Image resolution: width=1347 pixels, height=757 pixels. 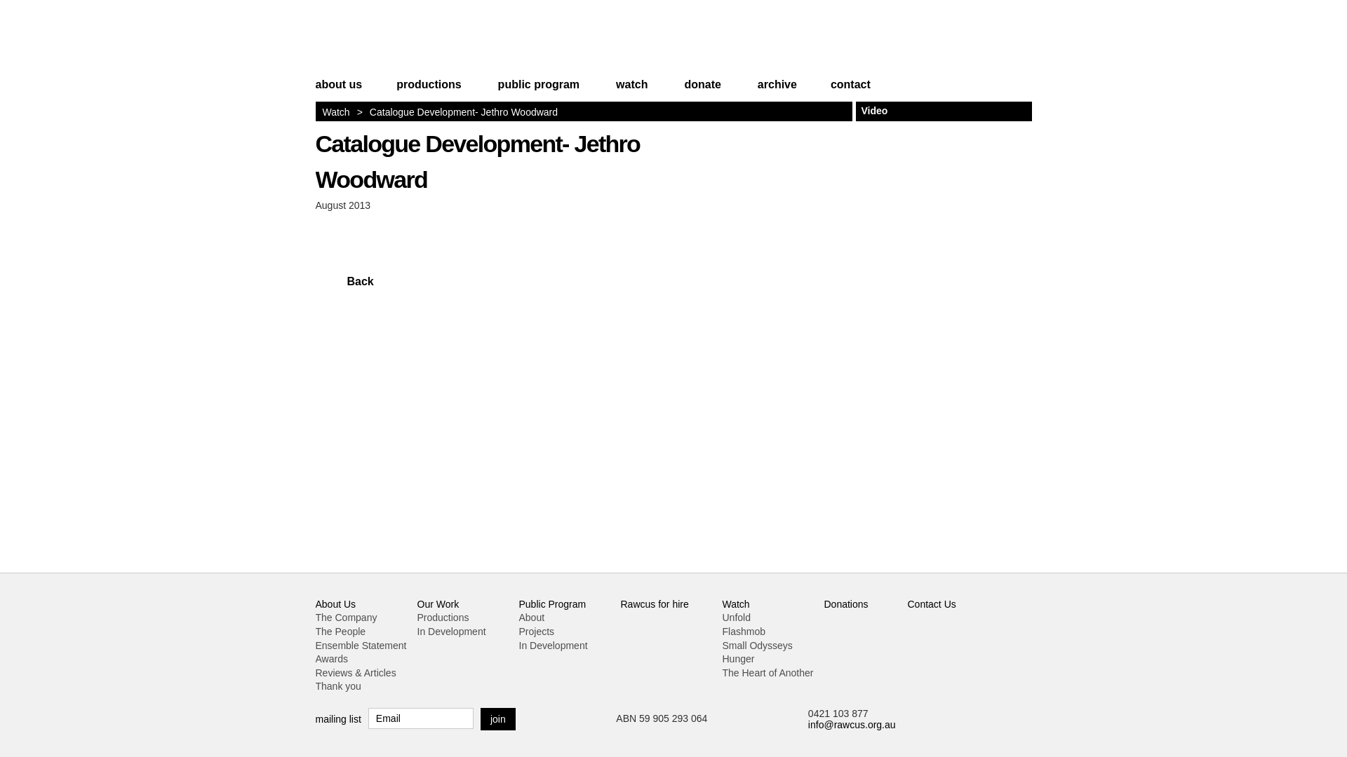 What do you see at coordinates (416, 632) in the screenshot?
I see `'In Development'` at bounding box center [416, 632].